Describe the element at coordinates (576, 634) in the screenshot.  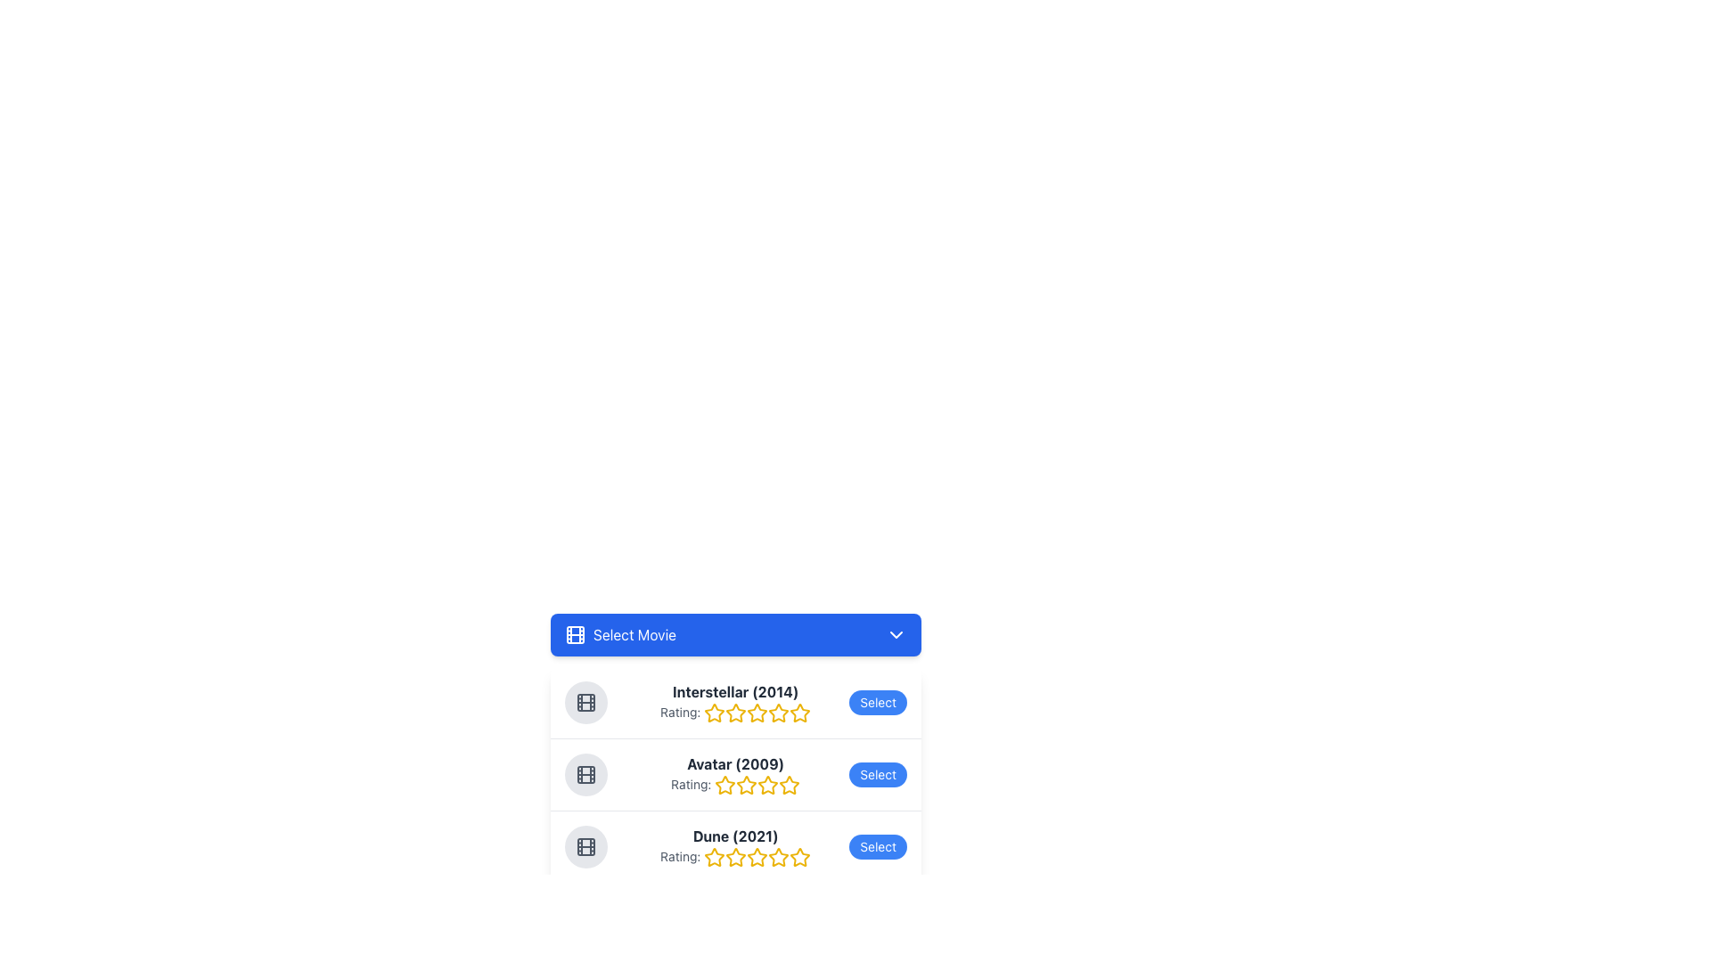
I see `the SVG graphical element styled like a movie reel, located in the dropdown menu before the 'Select Movie' text` at that location.